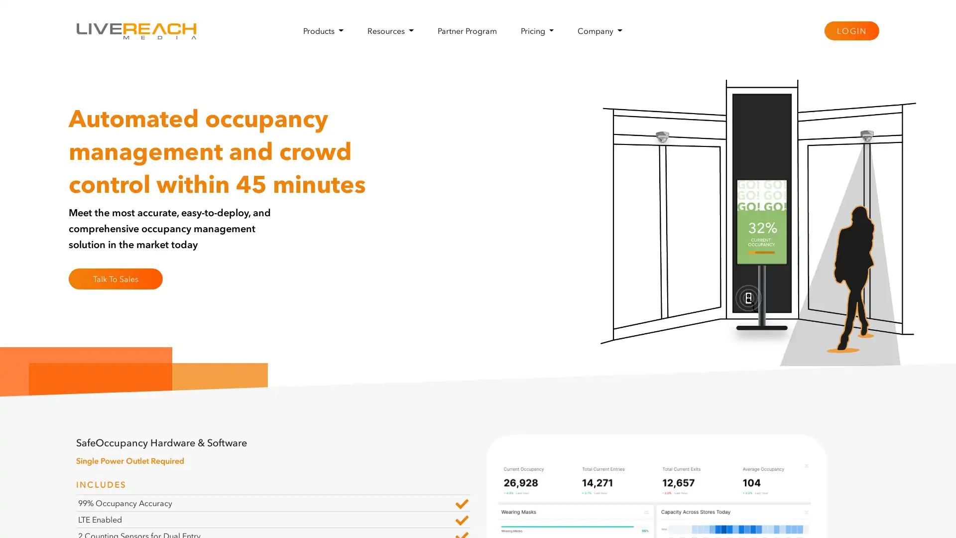  Describe the element at coordinates (850, 30) in the screenshot. I see `LOGIN` at that location.